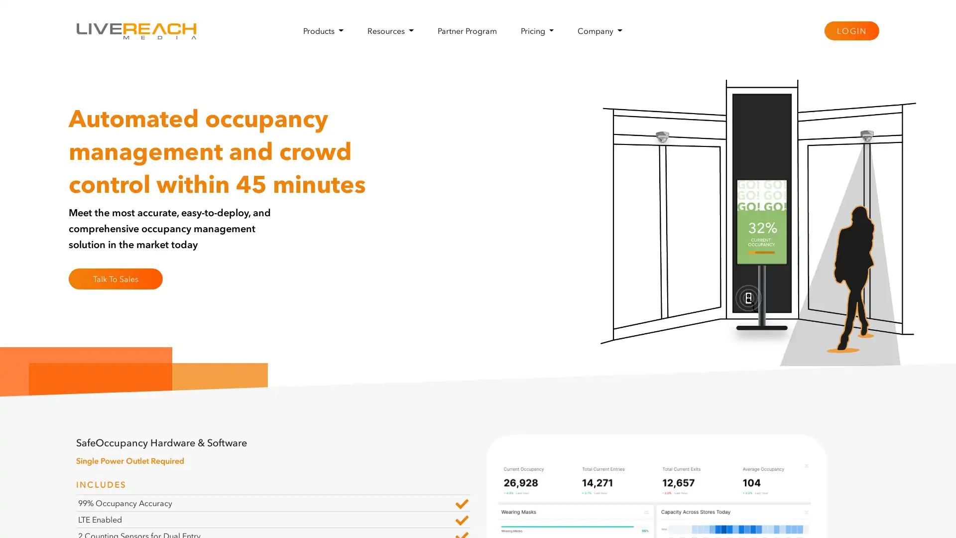  Describe the element at coordinates (850, 30) in the screenshot. I see `LOGIN` at that location.